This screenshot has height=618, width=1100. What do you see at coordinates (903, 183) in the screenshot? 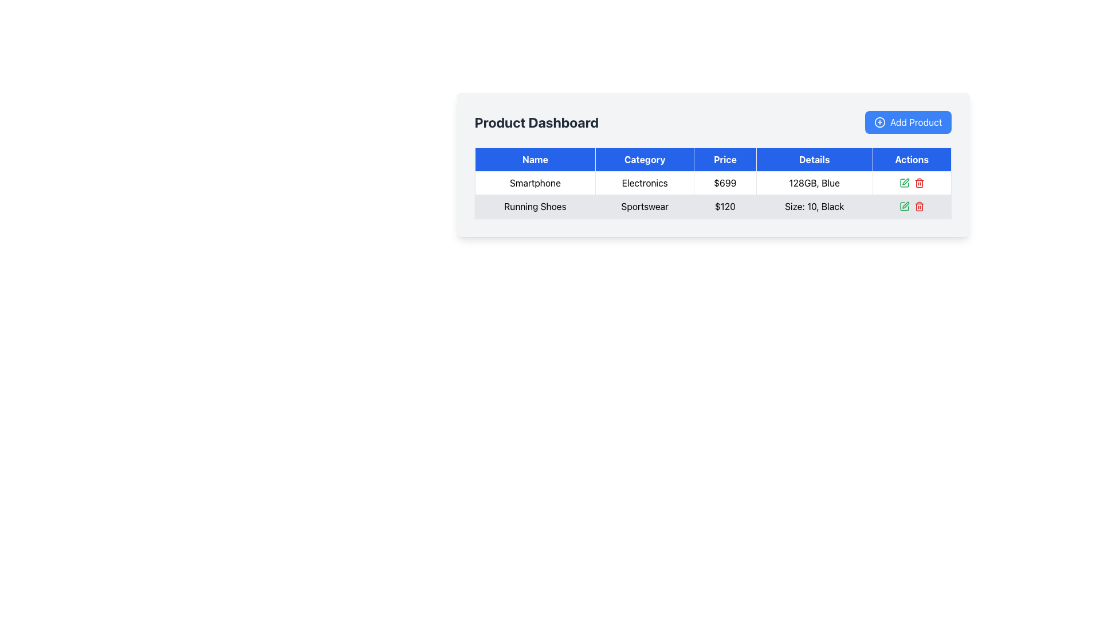
I see `the first icon in the 'Actions' column of the 'Smartphone' product row to change its color to a darker green` at bounding box center [903, 183].